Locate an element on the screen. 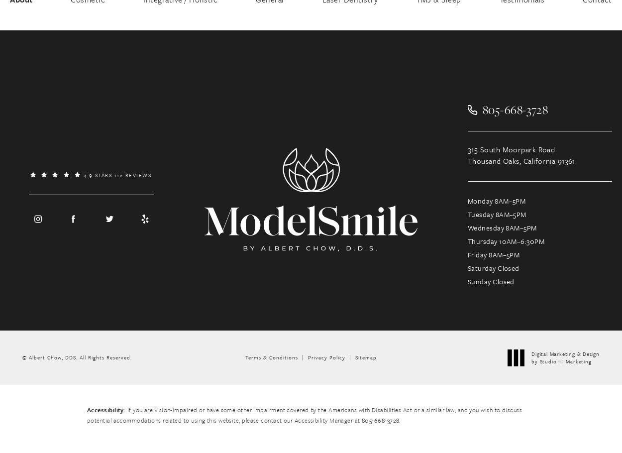 This screenshot has width=622, height=453. 'Tuesday 8AM–5PM' is located at coordinates (467, 214).